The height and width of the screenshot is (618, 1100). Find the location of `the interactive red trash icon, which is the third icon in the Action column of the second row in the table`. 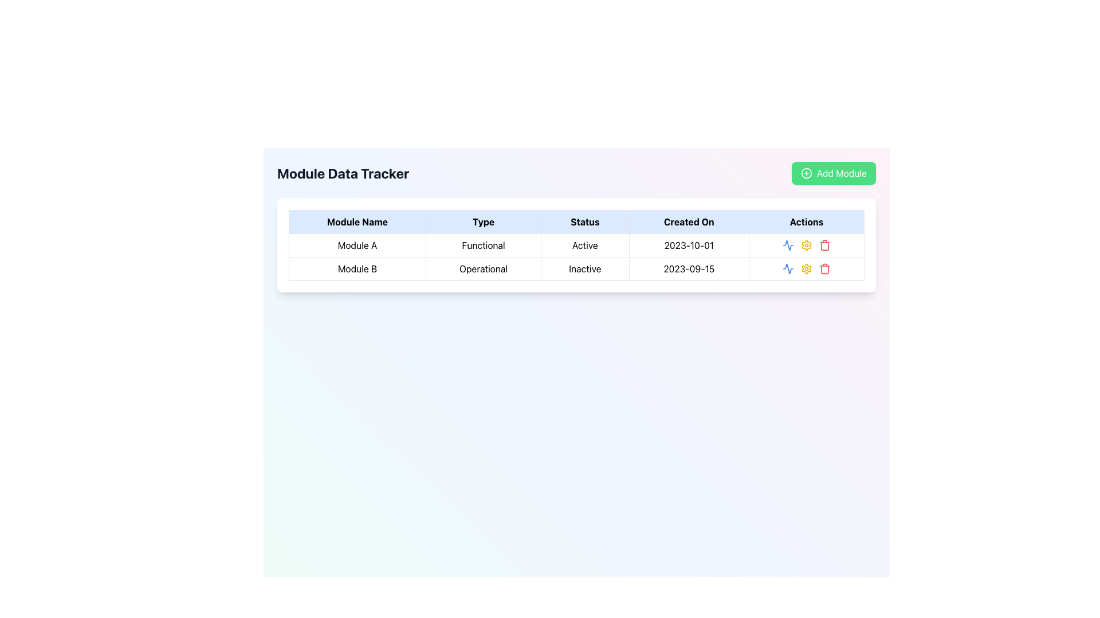

the interactive red trash icon, which is the third icon in the Action column of the second row in the table is located at coordinates (825, 244).